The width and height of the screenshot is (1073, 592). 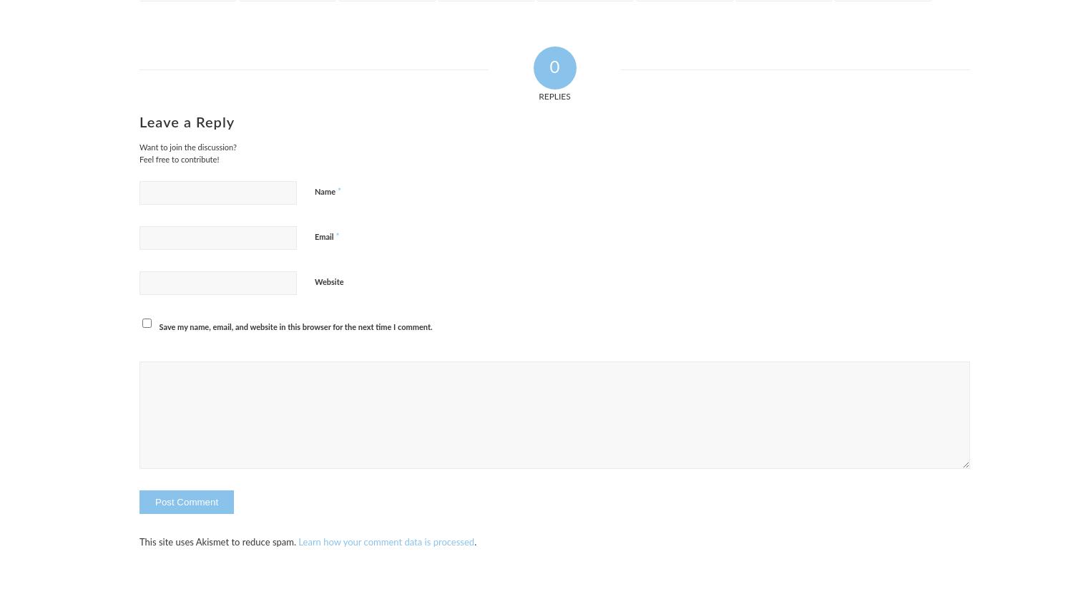 I want to click on 'Email', so click(x=324, y=236).